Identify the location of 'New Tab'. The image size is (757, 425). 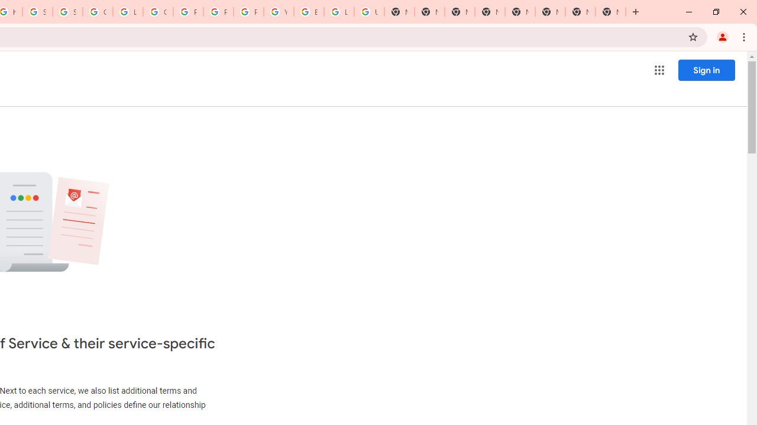
(610, 12).